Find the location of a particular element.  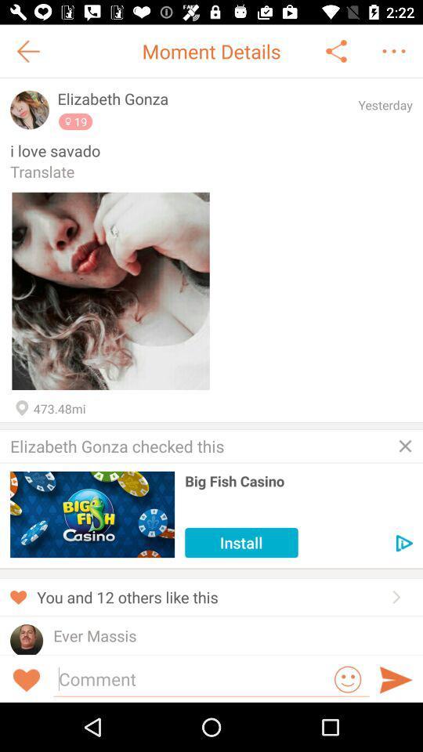

comment input area is located at coordinates (192, 678).